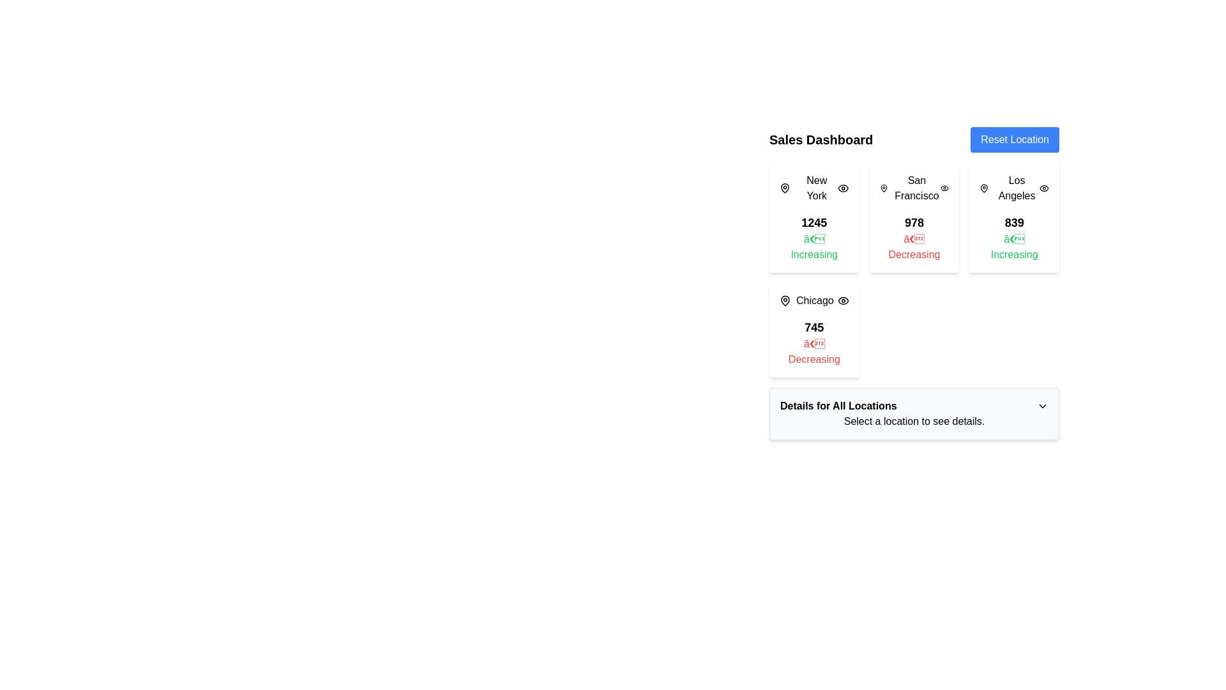 The width and height of the screenshot is (1226, 690). What do you see at coordinates (784, 300) in the screenshot?
I see `the map pin icon located to the left of the text 'Chicago' in the lower section of the 'Sales Dashboard' interface` at bounding box center [784, 300].